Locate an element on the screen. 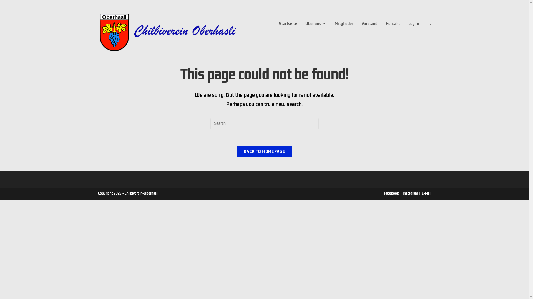 The image size is (533, 299). 'Mitglieder' is located at coordinates (344, 23).